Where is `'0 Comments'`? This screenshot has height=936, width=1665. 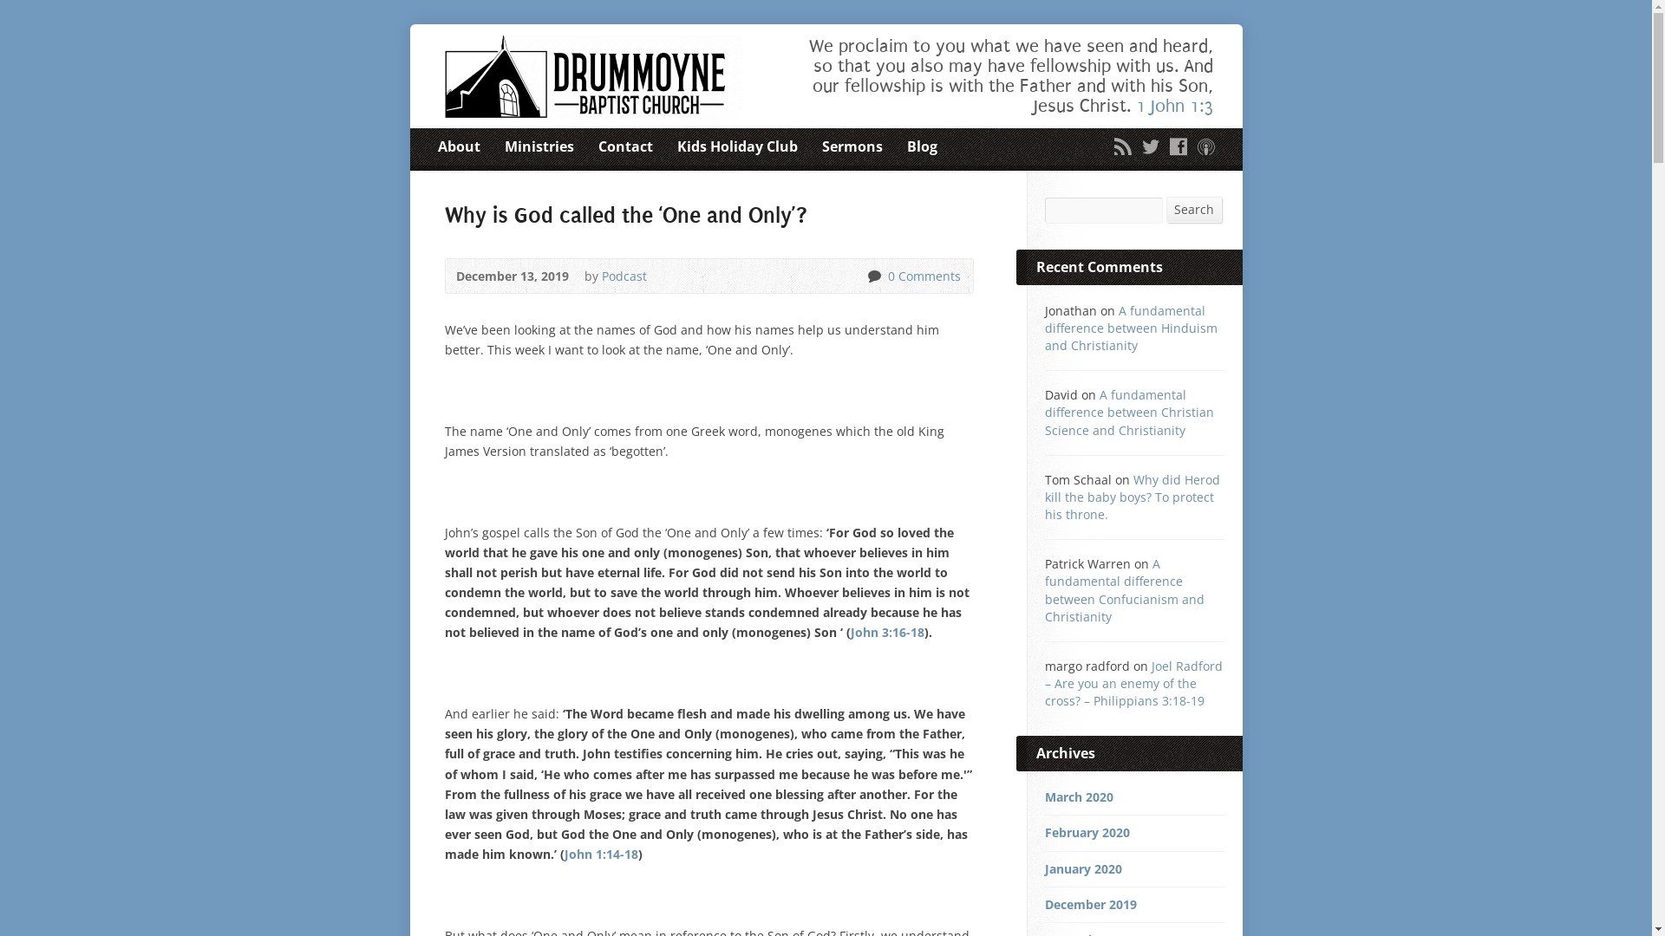 '0 Comments' is located at coordinates (873, 275).